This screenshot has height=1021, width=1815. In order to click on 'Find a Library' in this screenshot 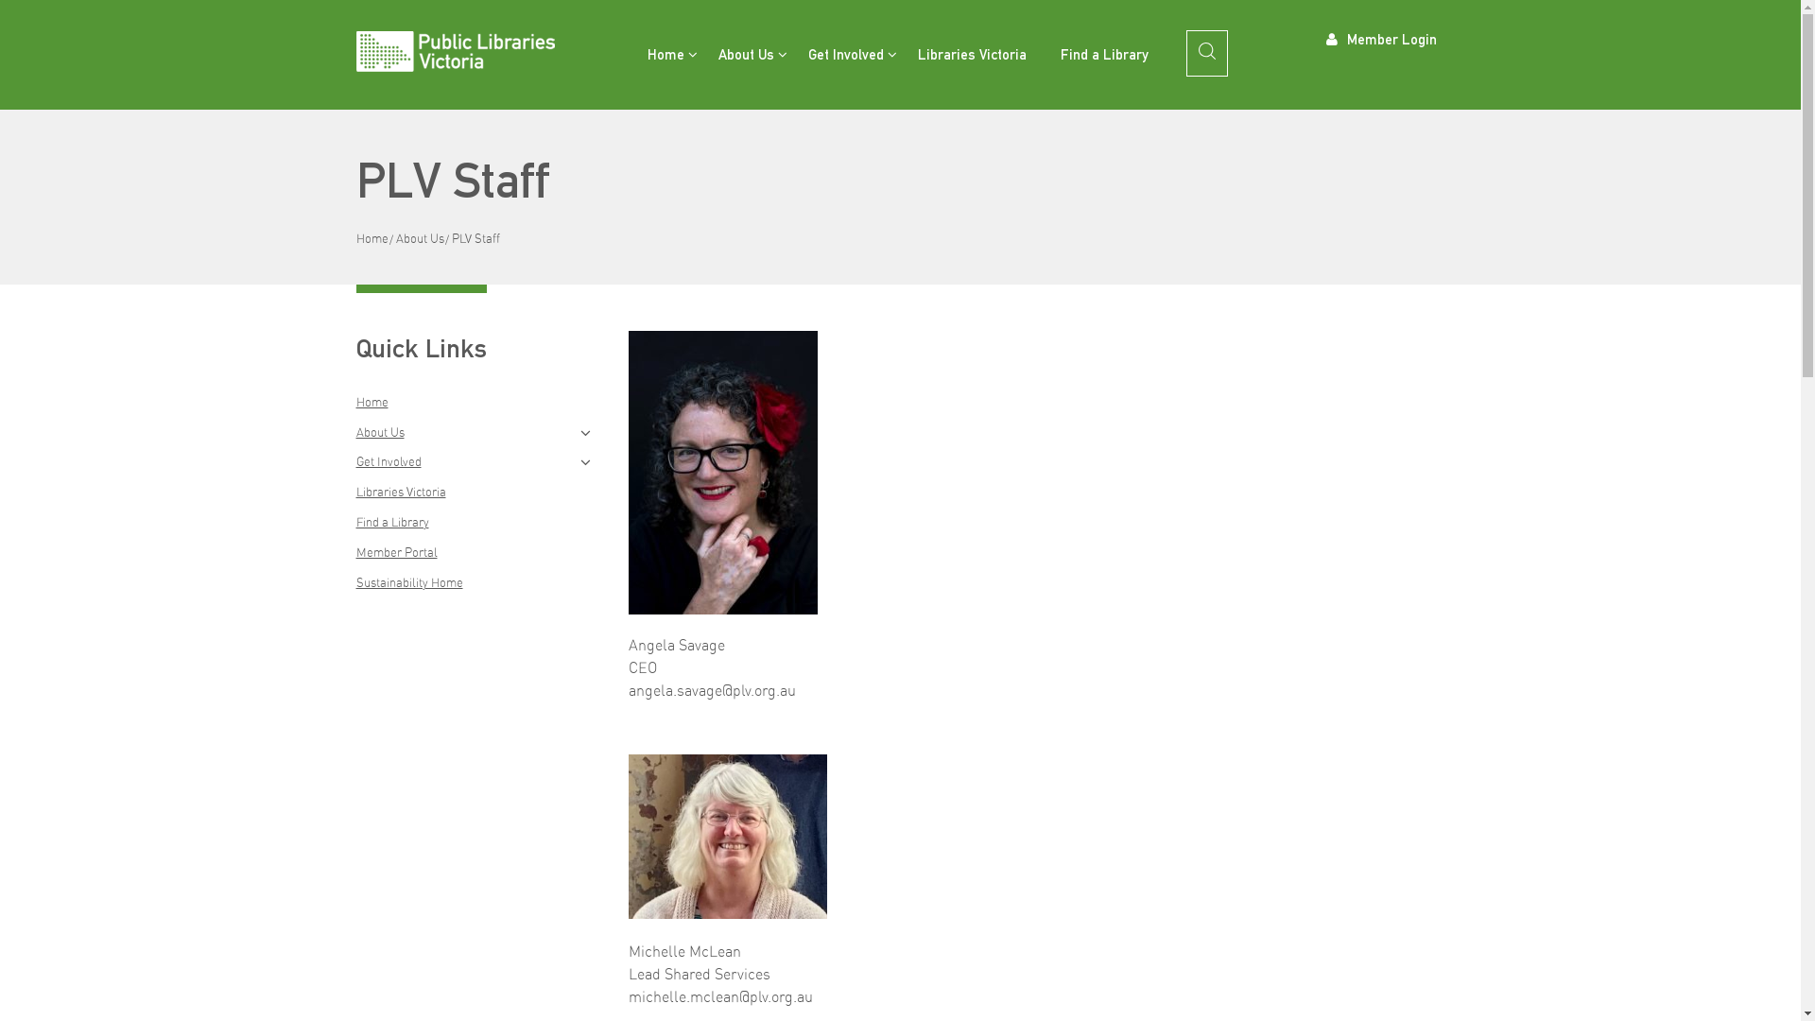, I will do `click(390, 521)`.